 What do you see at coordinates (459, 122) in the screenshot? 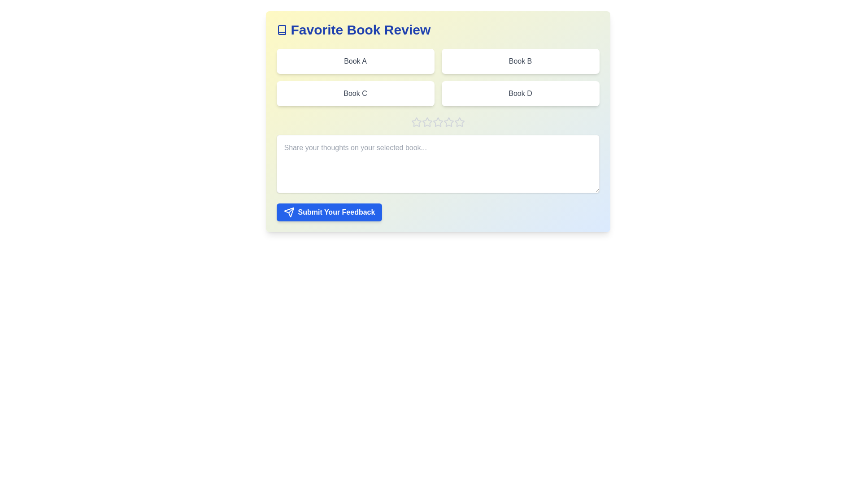
I see `the book rating to 5 stars` at bounding box center [459, 122].